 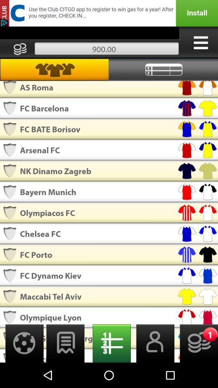 I want to click on the avatar icon, so click(x=153, y=367).